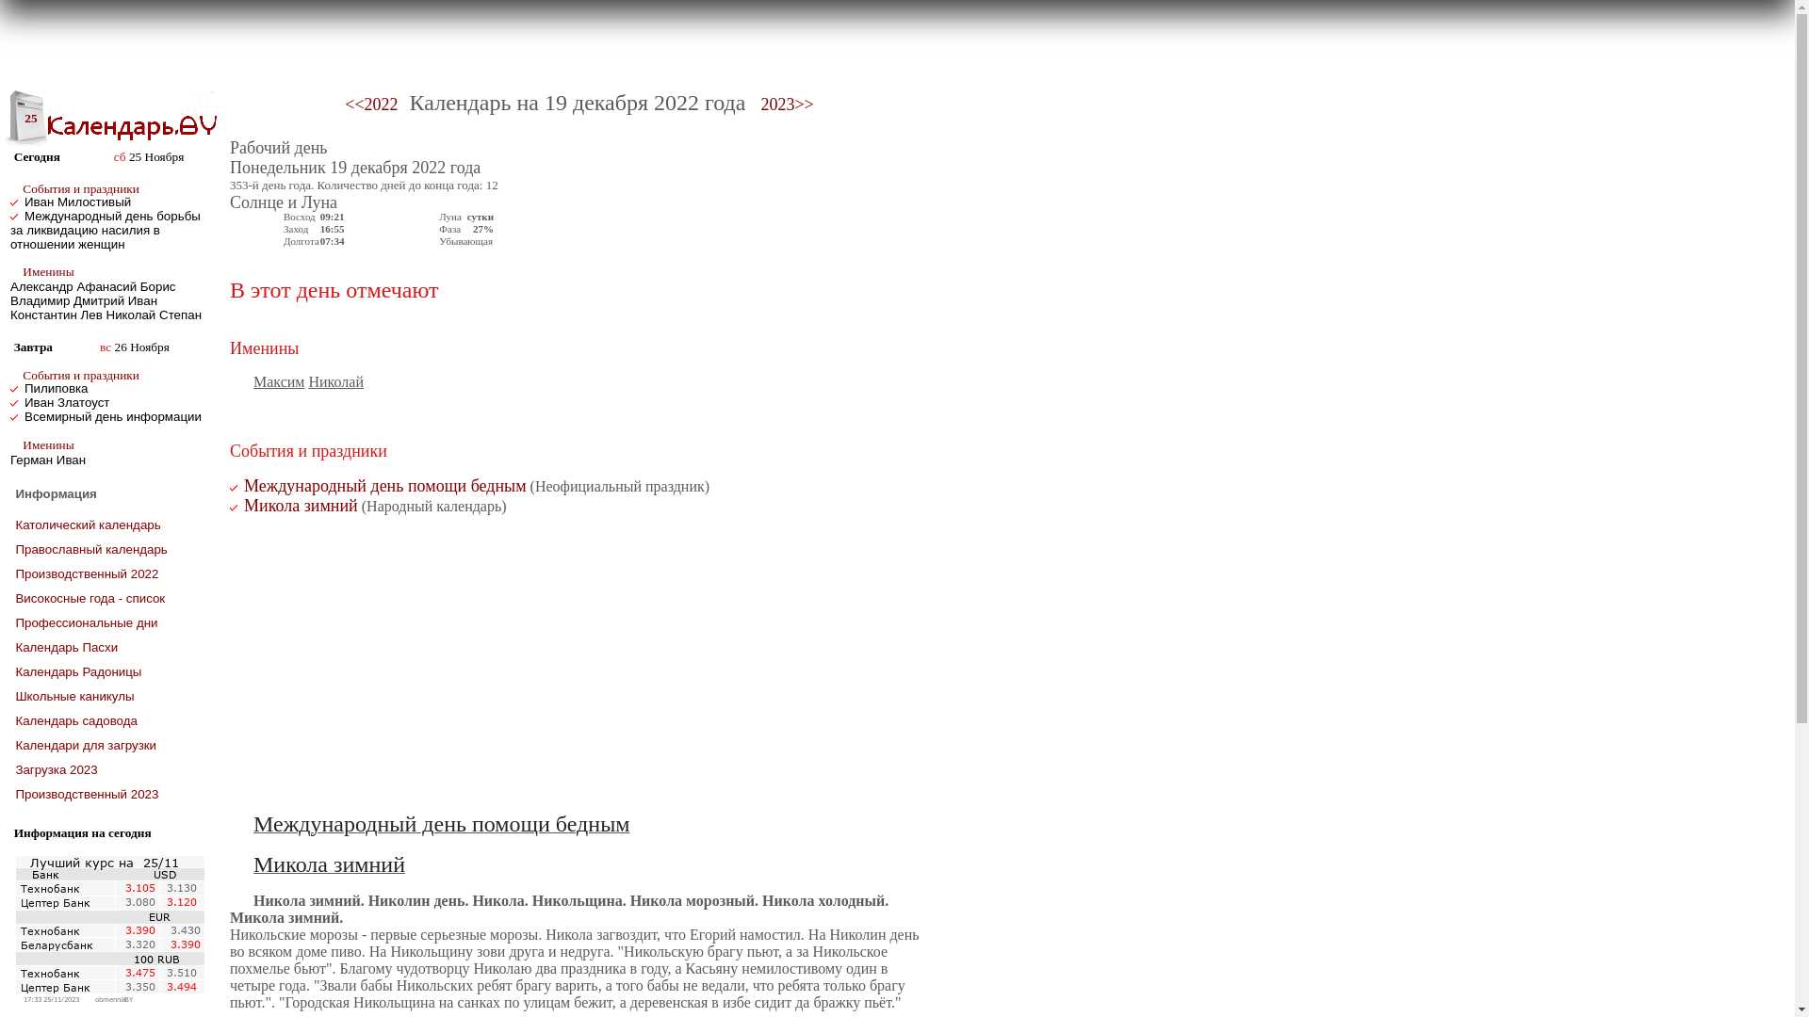 The image size is (1809, 1017). I want to click on '2023>>', so click(785, 105).